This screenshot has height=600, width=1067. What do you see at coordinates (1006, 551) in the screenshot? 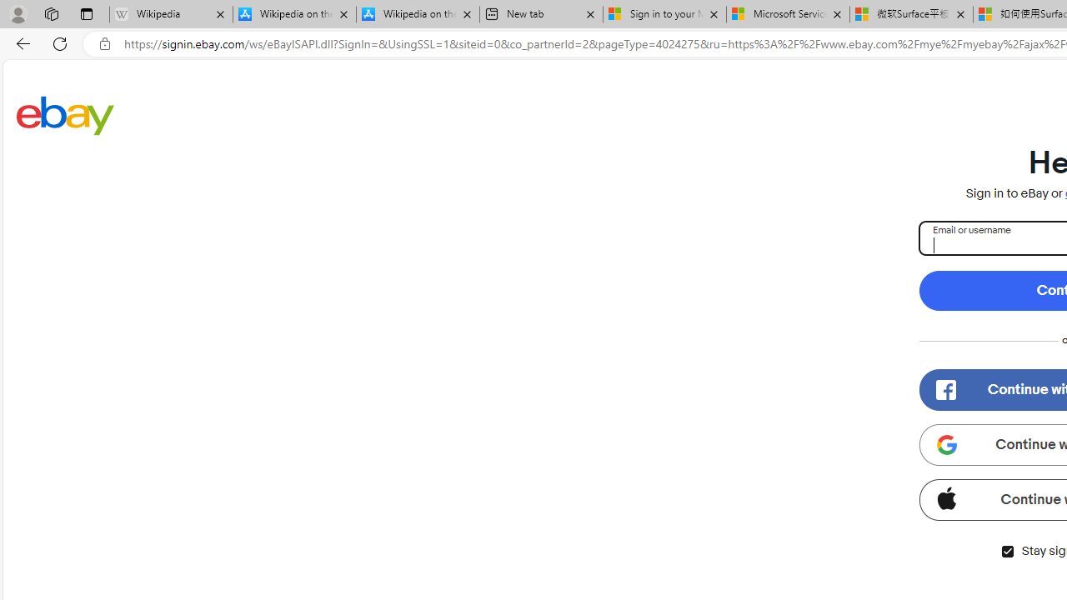
I see `'Stay signed in'` at bounding box center [1006, 551].